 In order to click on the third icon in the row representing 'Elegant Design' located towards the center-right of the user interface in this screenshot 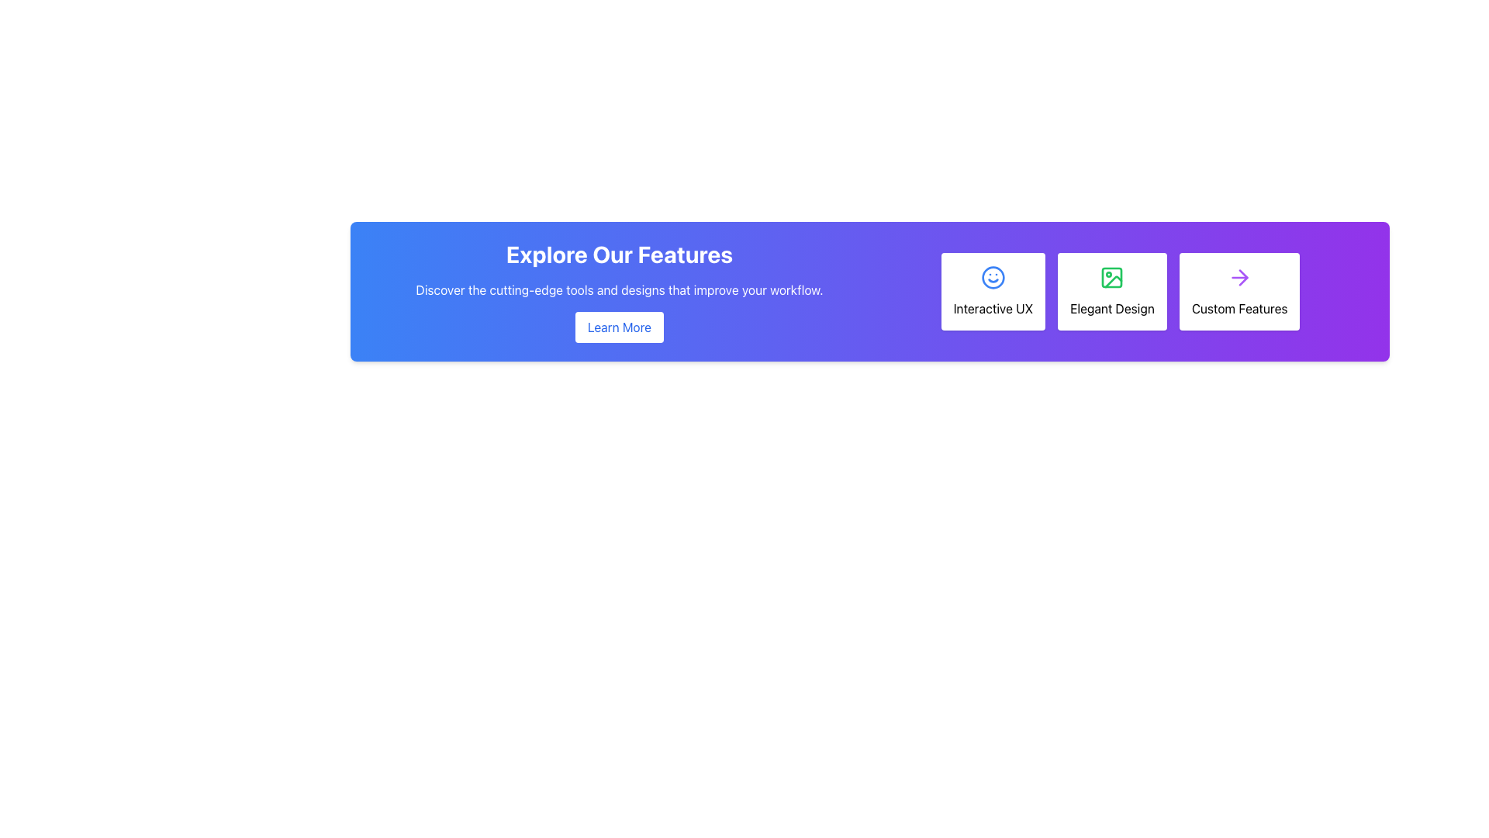, I will do `click(1113, 282)`.